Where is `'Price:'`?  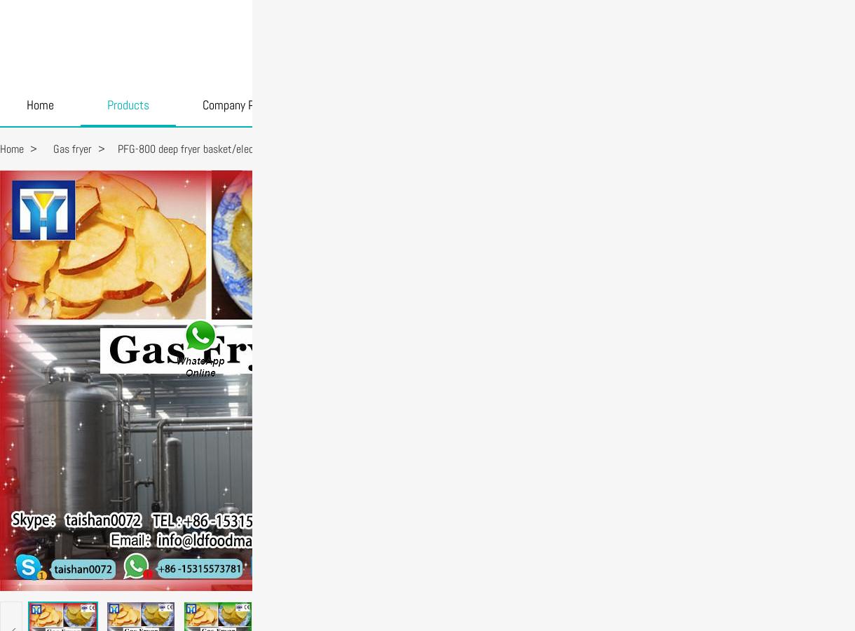
'Price:' is located at coordinates (451, 235).